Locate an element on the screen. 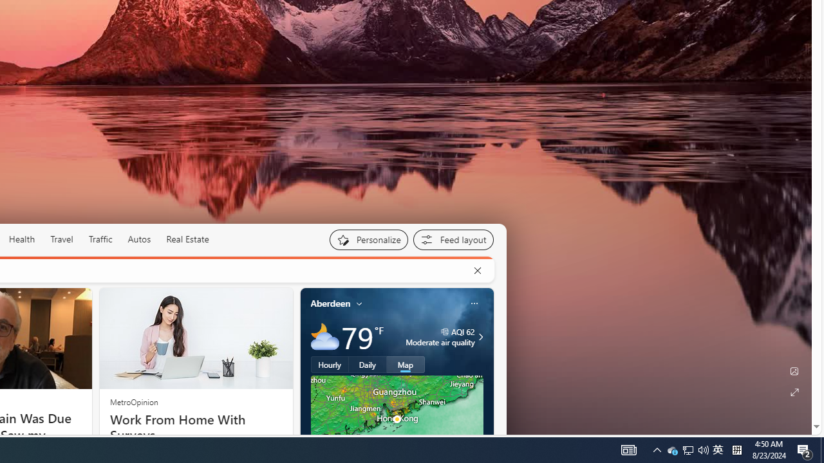 The height and width of the screenshot is (463, 824). 'Mostly cloudy' is located at coordinates (324, 336).